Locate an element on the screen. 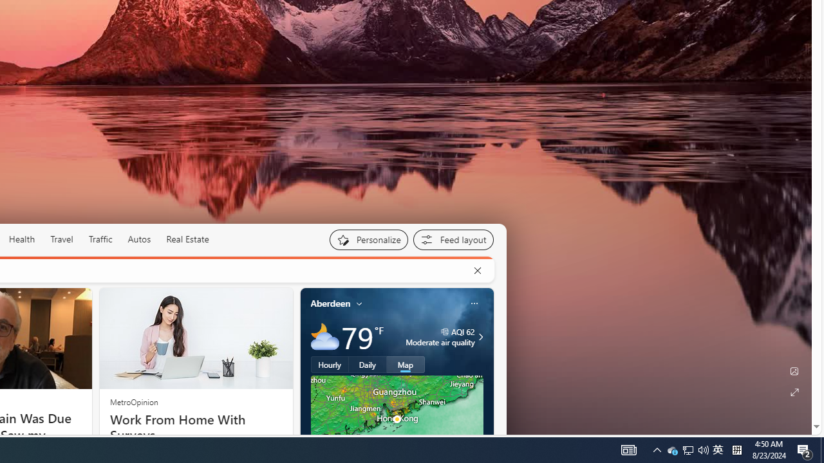 The height and width of the screenshot is (463, 824). 'Mostly cloudy' is located at coordinates (324, 336).